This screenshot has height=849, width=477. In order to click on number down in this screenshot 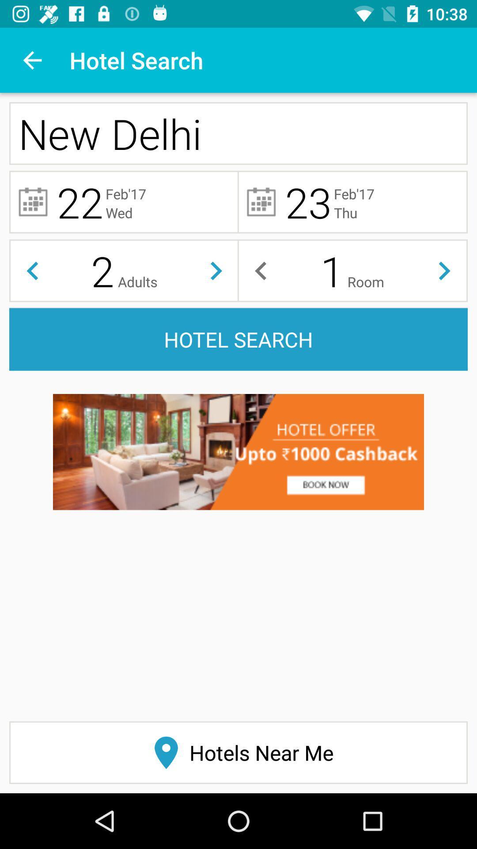, I will do `click(32, 270)`.